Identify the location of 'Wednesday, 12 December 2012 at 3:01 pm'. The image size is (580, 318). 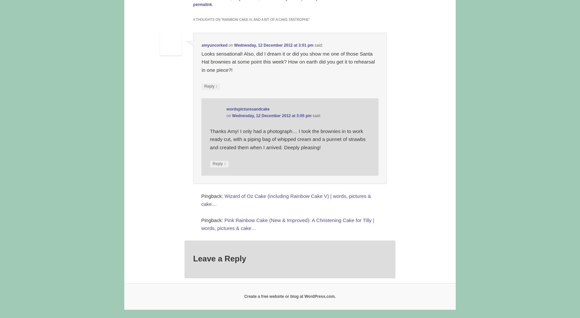
(273, 45).